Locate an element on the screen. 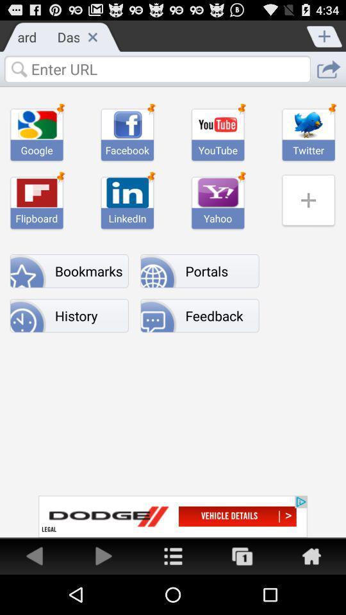  the play icon is located at coordinates (103, 594).